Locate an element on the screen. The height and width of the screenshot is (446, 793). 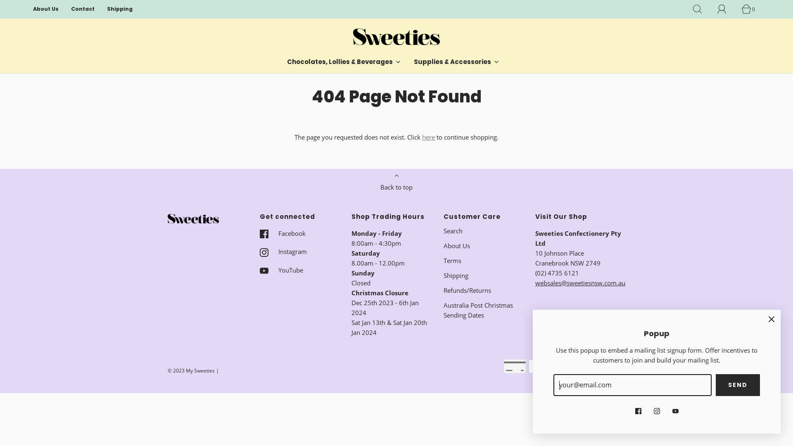
'YouTube icon' is located at coordinates (675, 410).